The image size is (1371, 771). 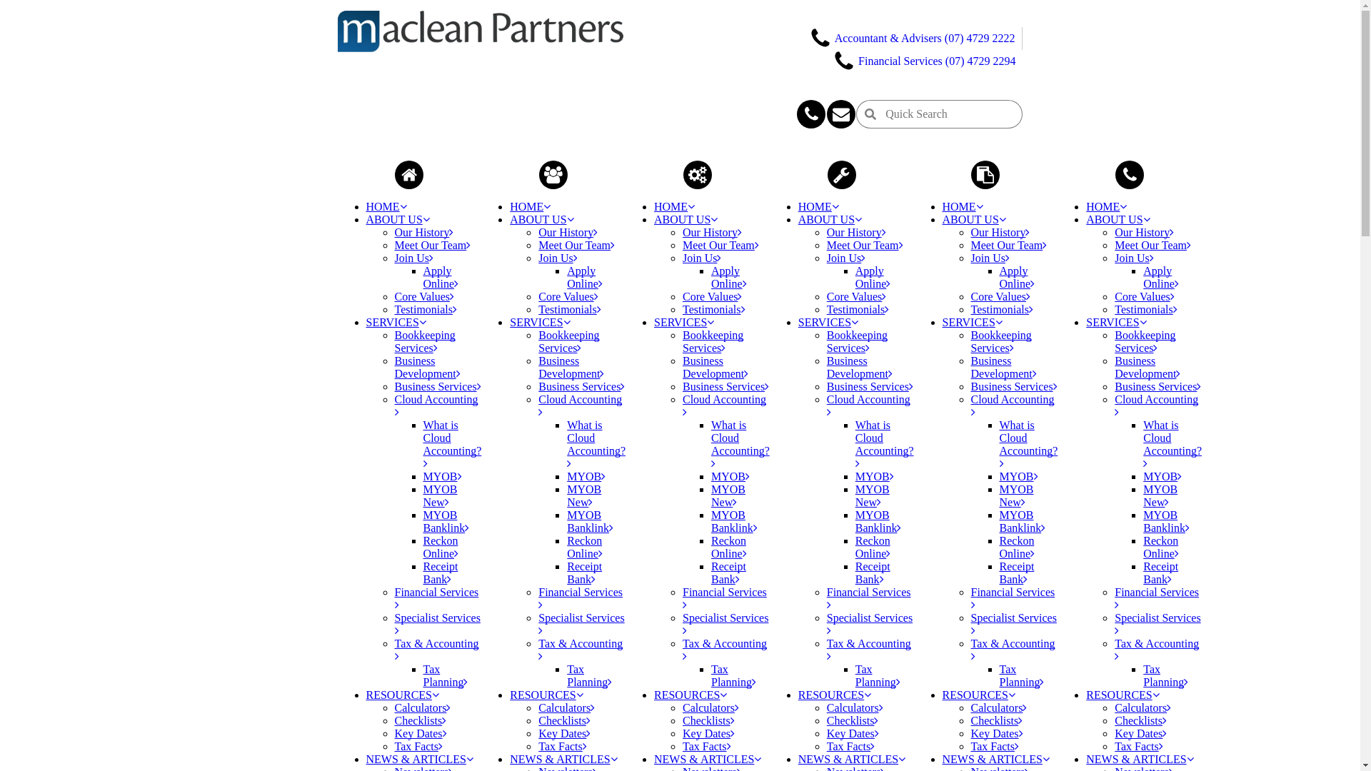 What do you see at coordinates (424, 308) in the screenshot?
I see `'Testimonials'` at bounding box center [424, 308].